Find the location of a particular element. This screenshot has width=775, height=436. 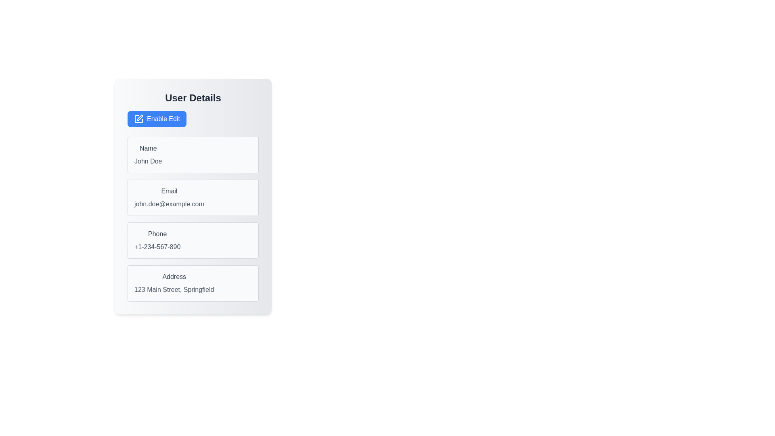

the 'Address' label element, which is styled with medium font weight and gray color, located under the 'Phone' information in the user details section is located at coordinates (174, 277).